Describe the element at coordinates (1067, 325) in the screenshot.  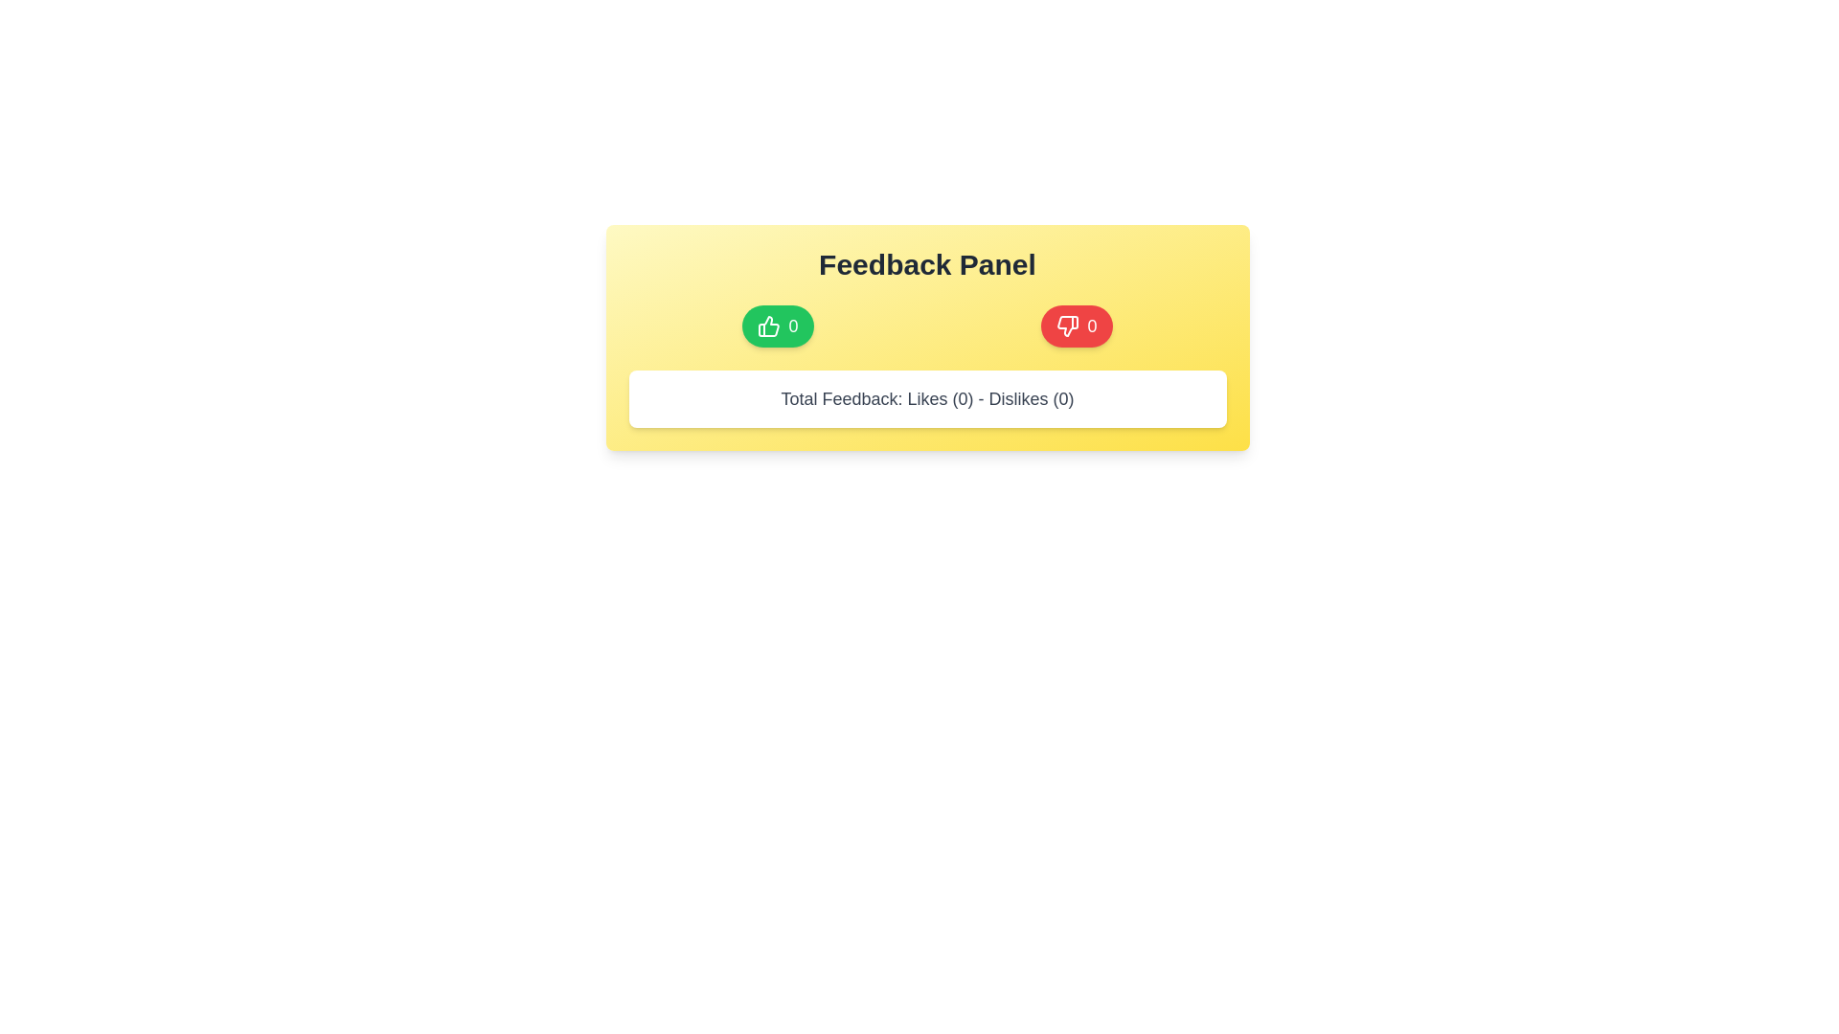
I see `the negative feedback icon button located to the right of the green thumbs-up icon and above the statistic display area` at that location.